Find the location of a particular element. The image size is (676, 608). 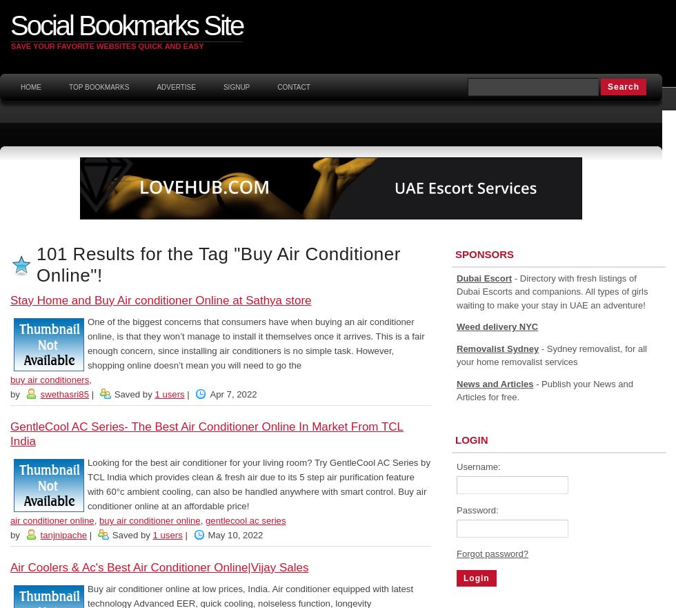

'Sponsors' is located at coordinates (484, 253).